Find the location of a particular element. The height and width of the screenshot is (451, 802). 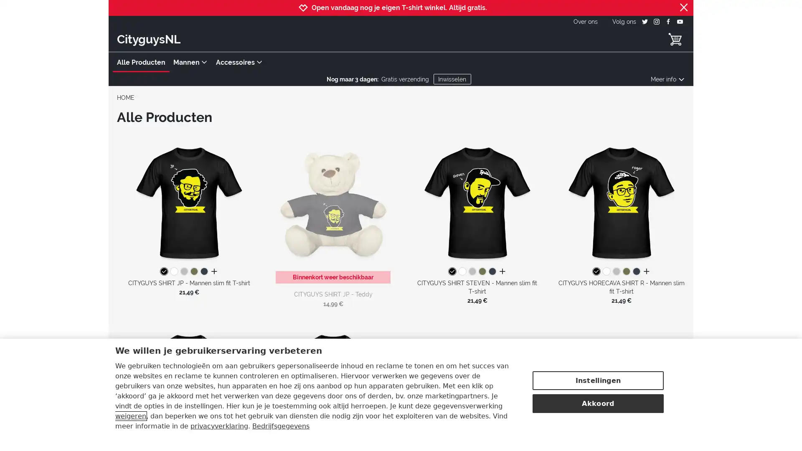

grijs gemeleerd is located at coordinates (183, 272).